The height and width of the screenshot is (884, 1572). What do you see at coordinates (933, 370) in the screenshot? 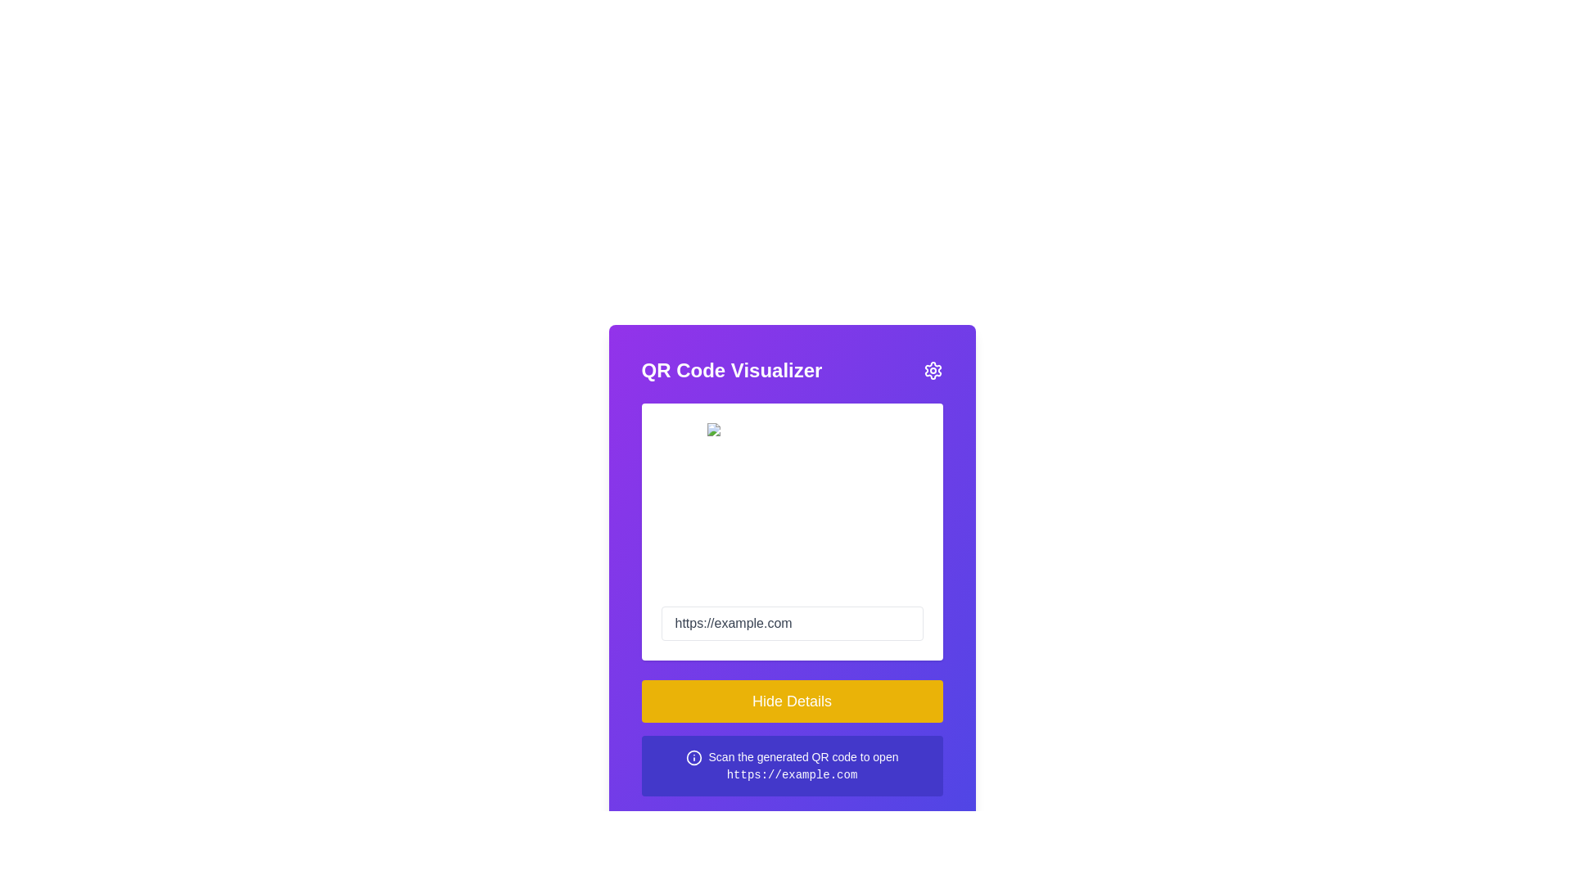
I see `the gear icon in the top-right corner of the purple 'QR Code Visualizer' header` at bounding box center [933, 370].